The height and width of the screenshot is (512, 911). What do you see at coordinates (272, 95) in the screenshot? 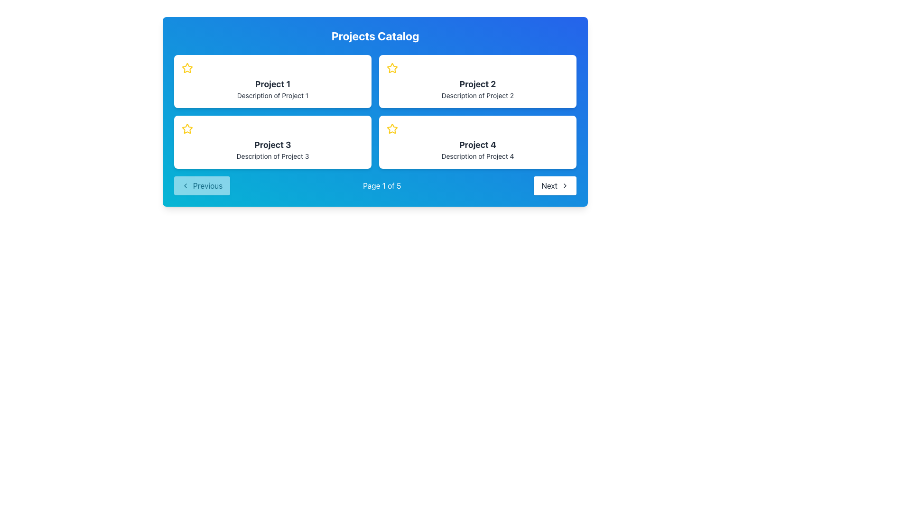
I see `the description text element that provides details about 'Project 1', located beneath the bold title in the 'Projects Catalog' grid` at bounding box center [272, 95].